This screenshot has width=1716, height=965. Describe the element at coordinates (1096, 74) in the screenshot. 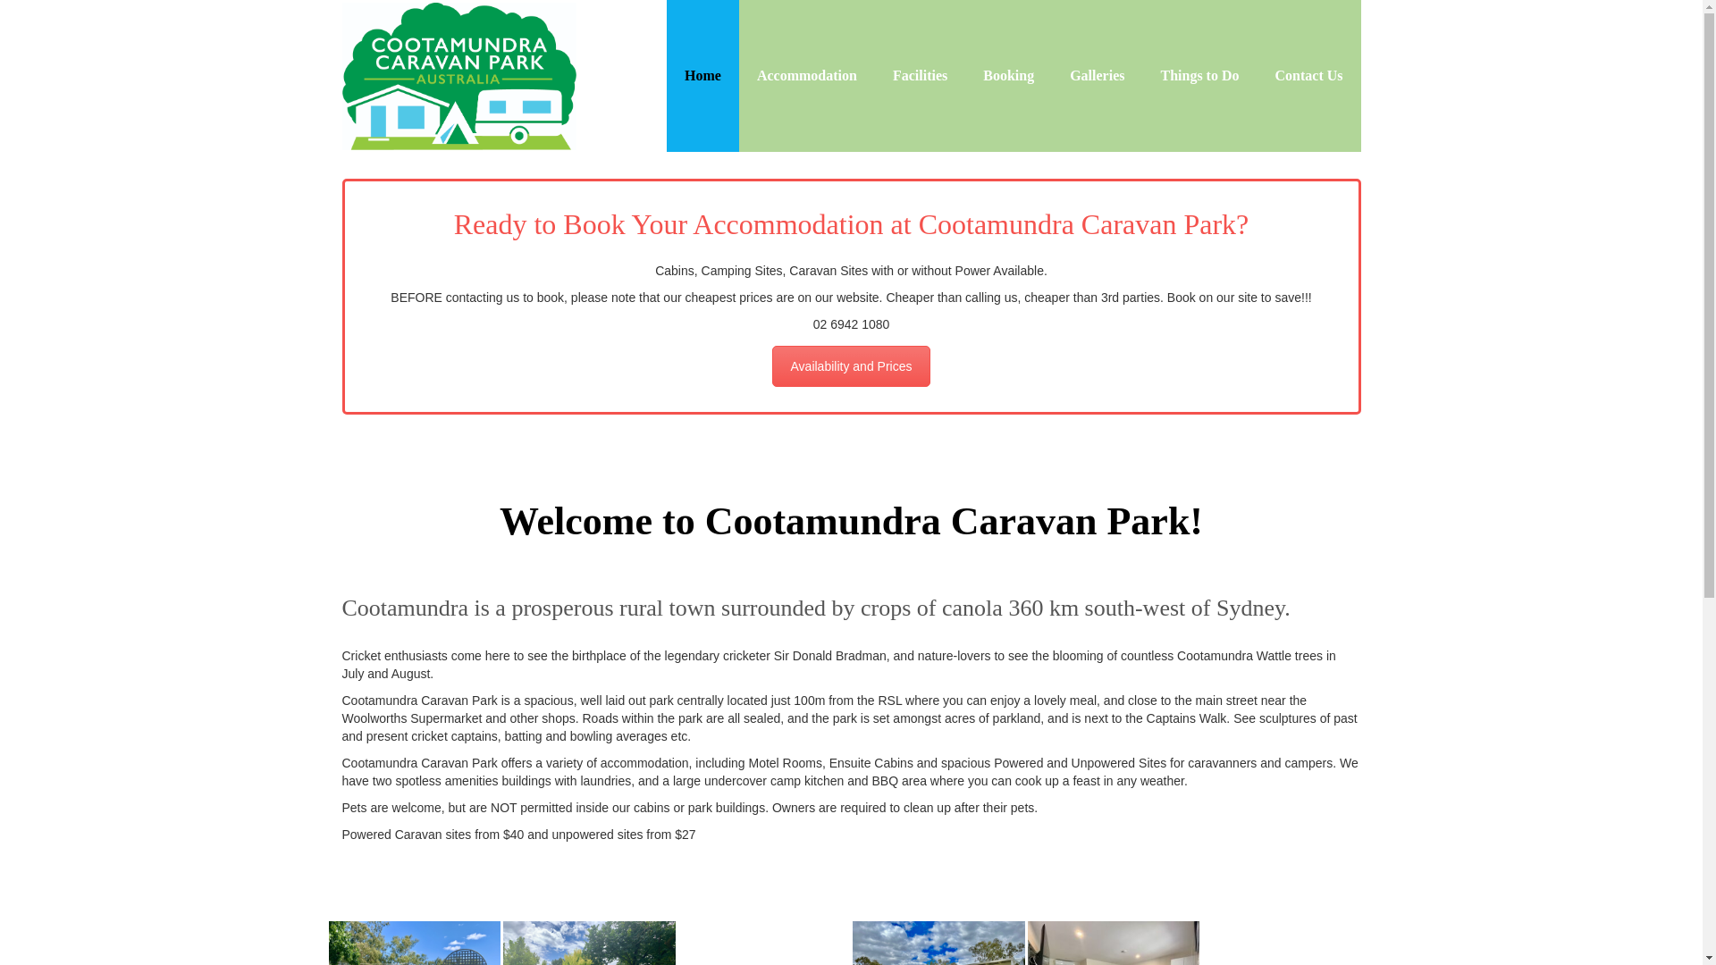

I see `'Galleries'` at that location.